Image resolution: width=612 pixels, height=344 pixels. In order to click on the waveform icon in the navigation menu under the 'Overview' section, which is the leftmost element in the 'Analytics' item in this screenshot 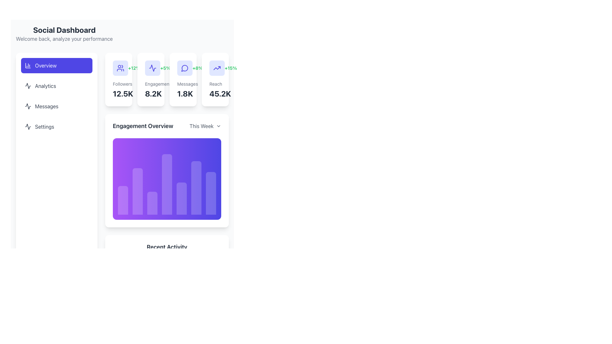, I will do `click(27, 86)`.